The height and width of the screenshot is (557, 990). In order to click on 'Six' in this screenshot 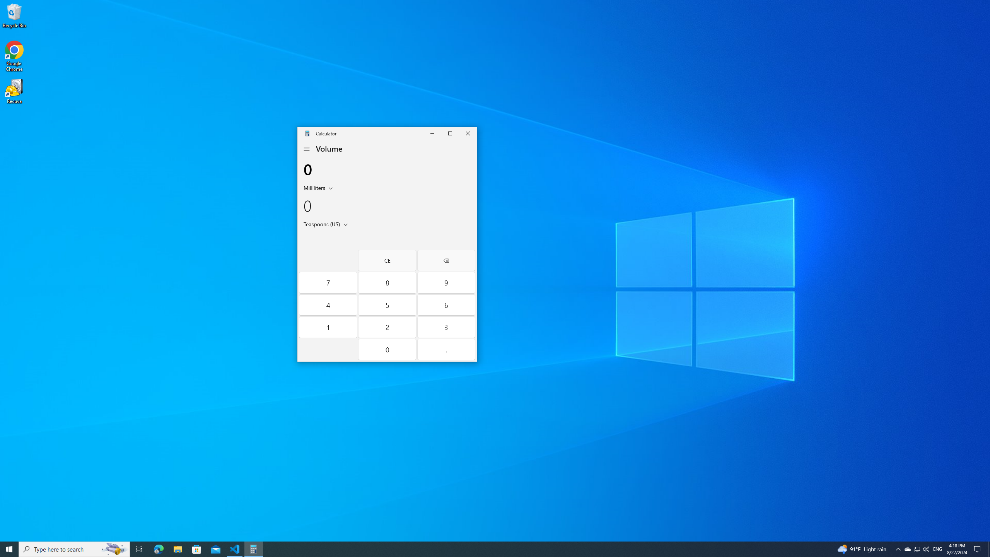, I will do `click(446, 305)`.